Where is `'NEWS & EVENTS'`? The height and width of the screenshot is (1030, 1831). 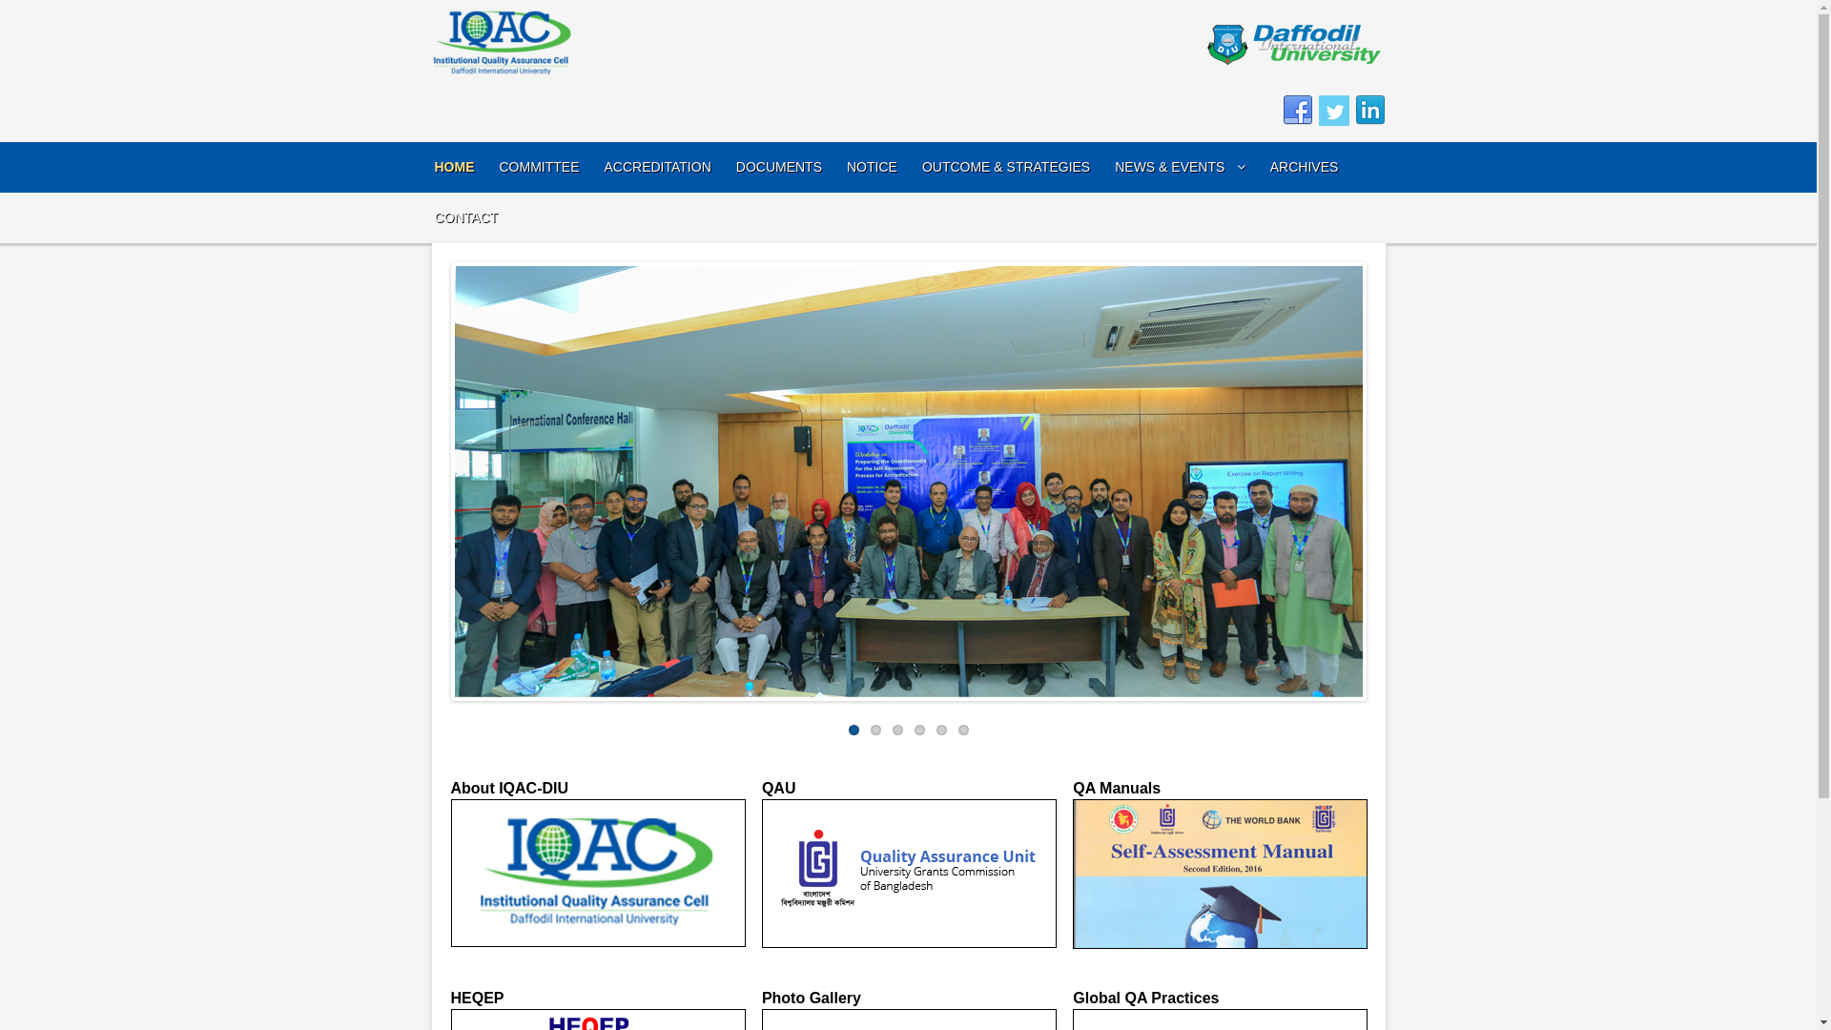
'NEWS & EVENTS' is located at coordinates (1179, 166).